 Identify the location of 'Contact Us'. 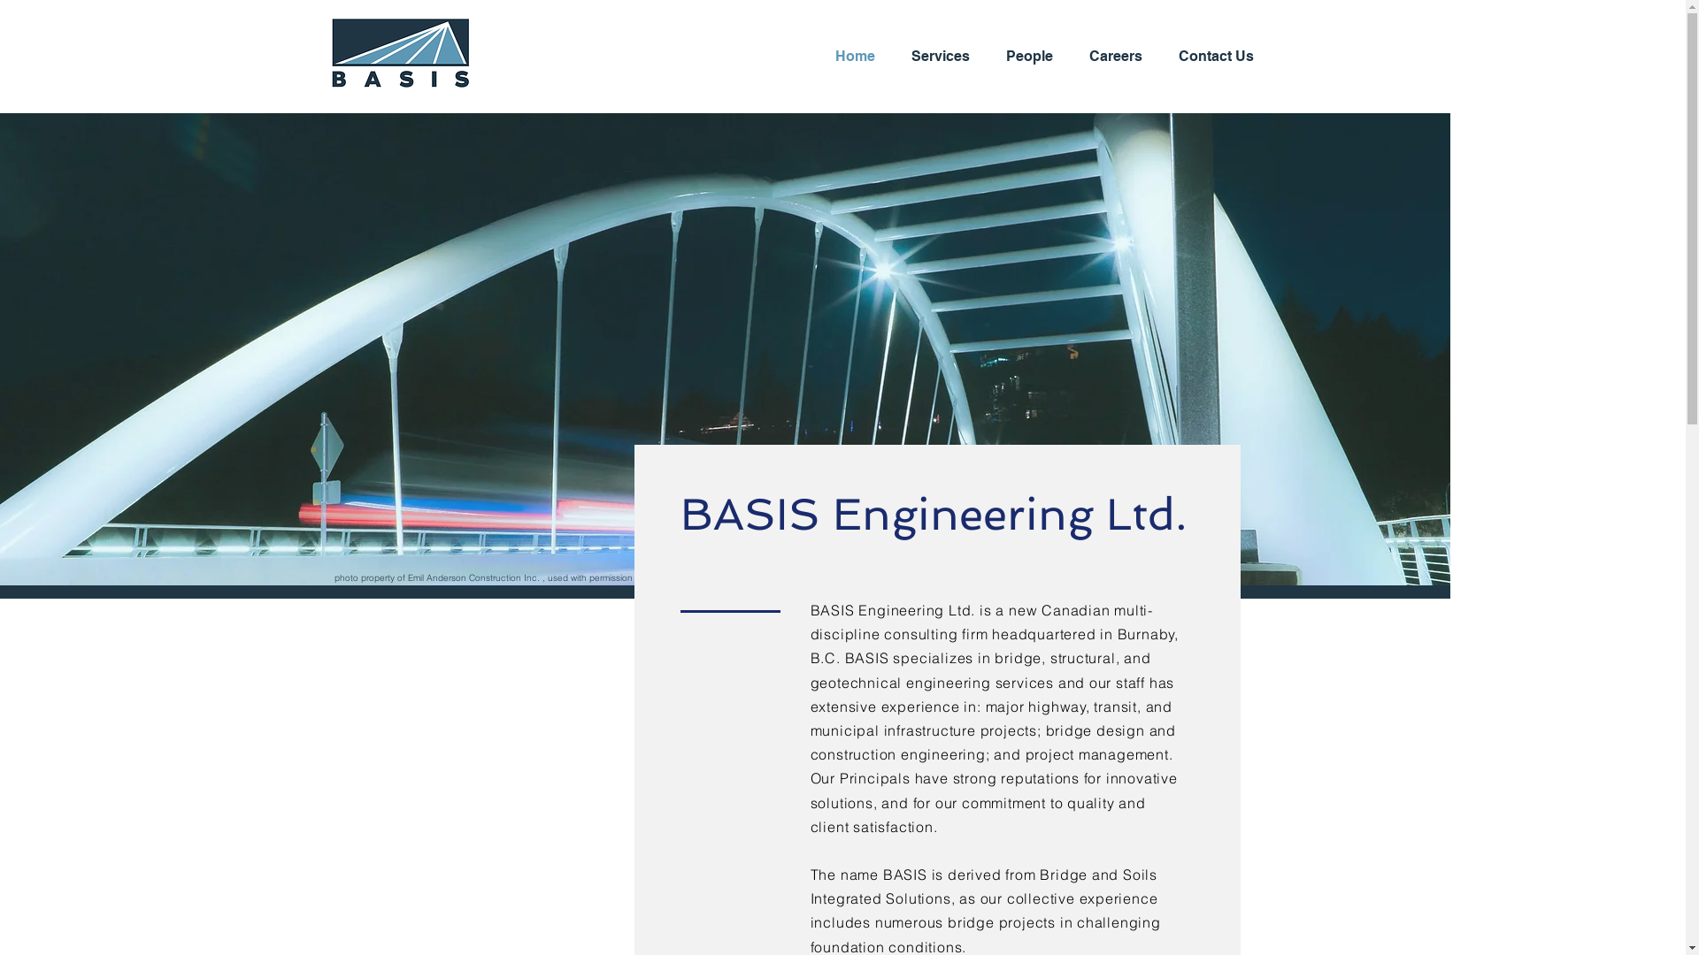
(1219, 56).